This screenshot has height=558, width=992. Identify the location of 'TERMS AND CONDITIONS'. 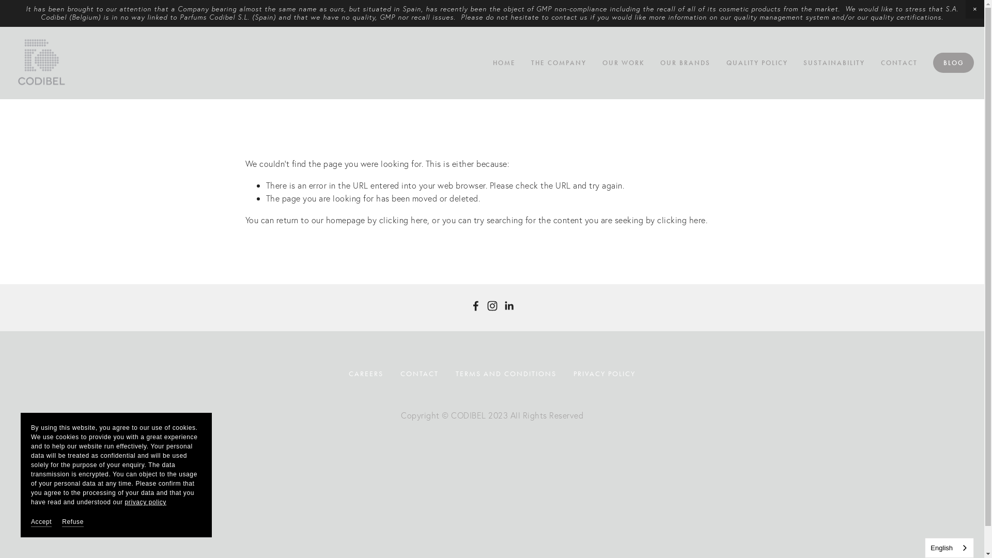
(506, 374).